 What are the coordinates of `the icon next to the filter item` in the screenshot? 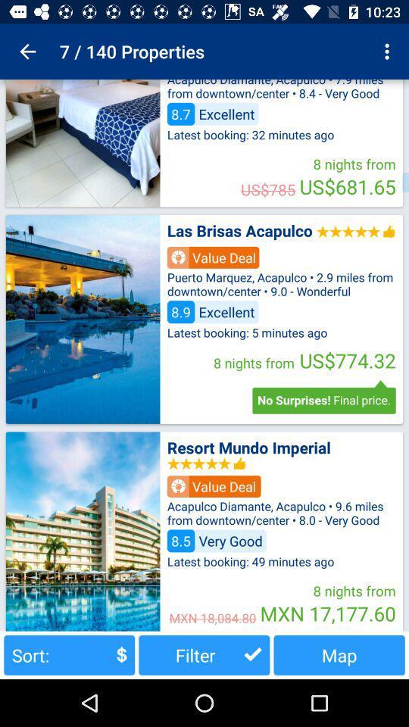 It's located at (68, 654).